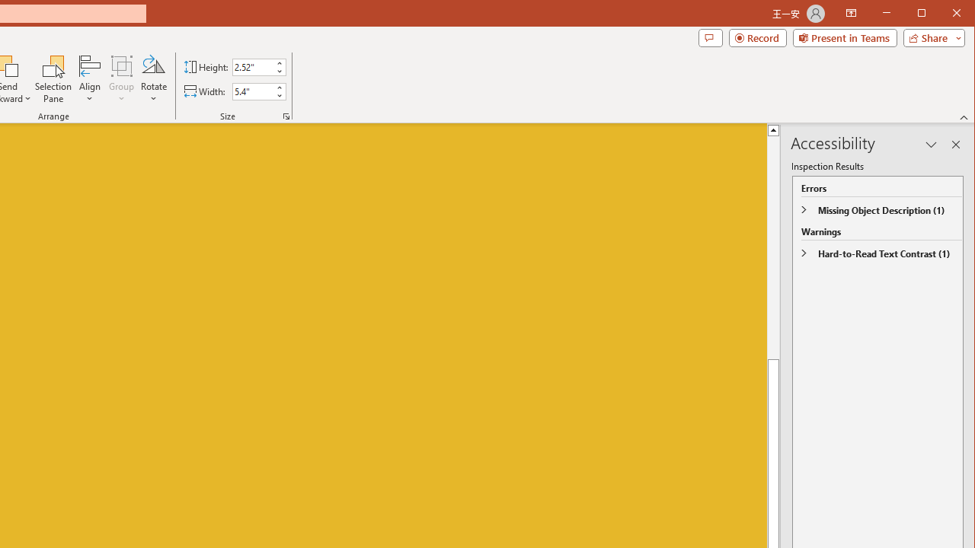 The height and width of the screenshot is (548, 975). Describe the element at coordinates (153, 79) in the screenshot. I see `'Rotate'` at that location.